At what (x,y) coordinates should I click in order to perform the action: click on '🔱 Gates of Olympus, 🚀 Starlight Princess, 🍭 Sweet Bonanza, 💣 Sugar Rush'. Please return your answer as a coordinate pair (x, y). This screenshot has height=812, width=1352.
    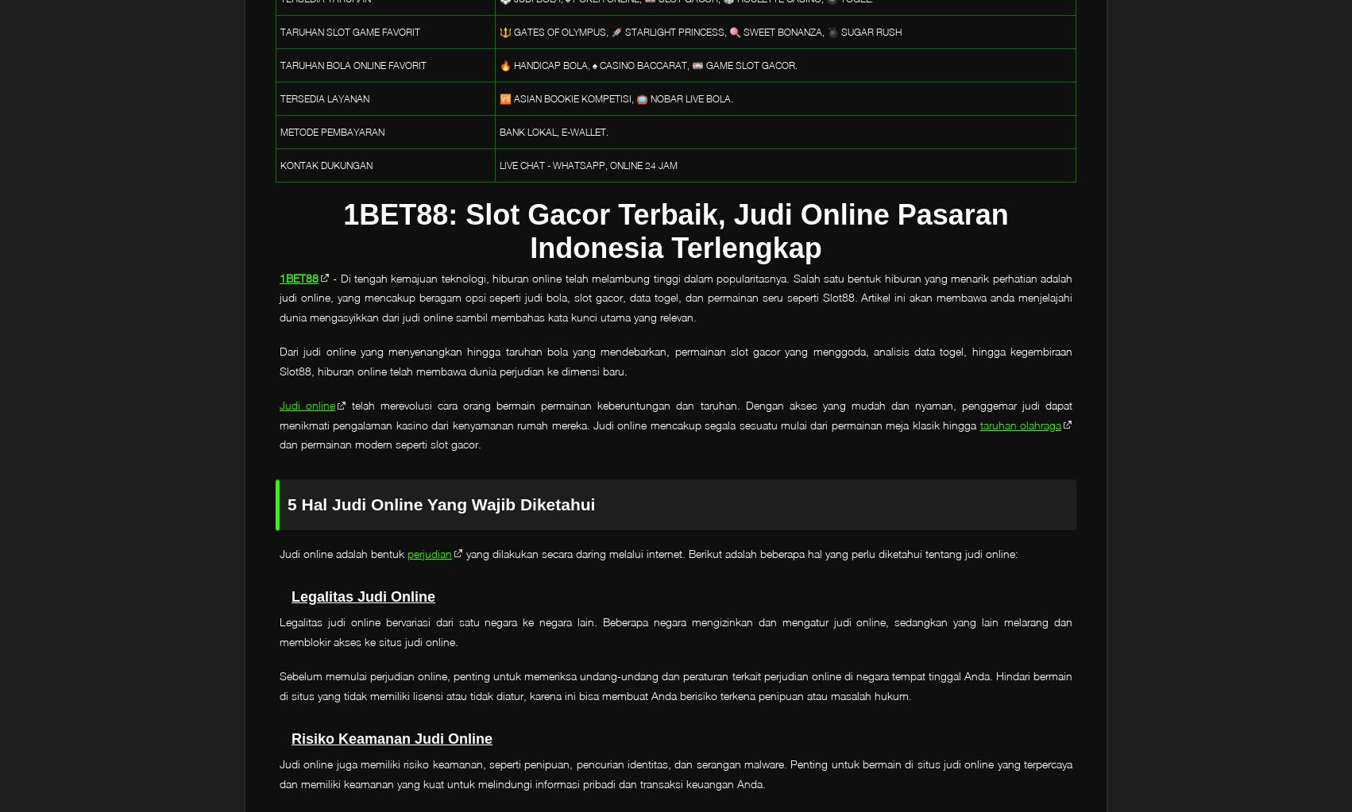
    Looking at the image, I should click on (499, 31).